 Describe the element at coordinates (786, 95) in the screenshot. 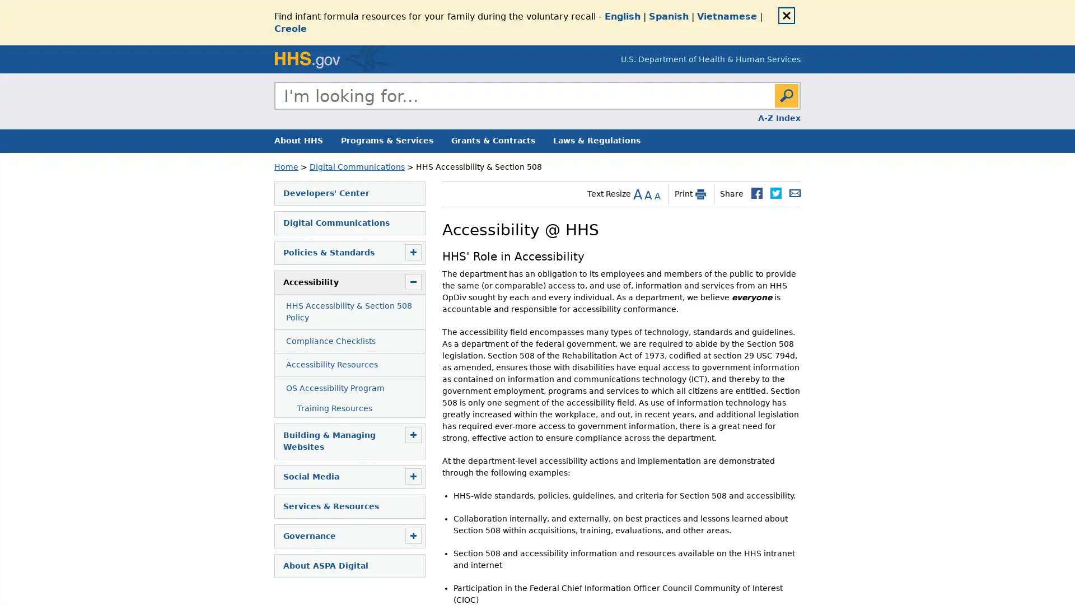

I see `Search` at that location.